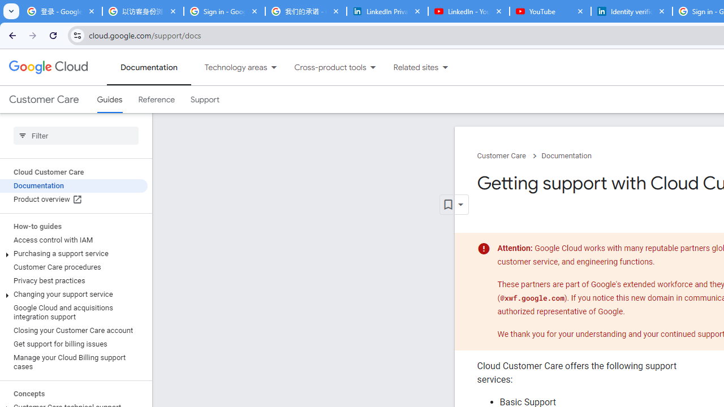 This screenshot has width=724, height=407. What do you see at coordinates (73, 331) in the screenshot?
I see `'Closing your Customer Care account'` at bounding box center [73, 331].